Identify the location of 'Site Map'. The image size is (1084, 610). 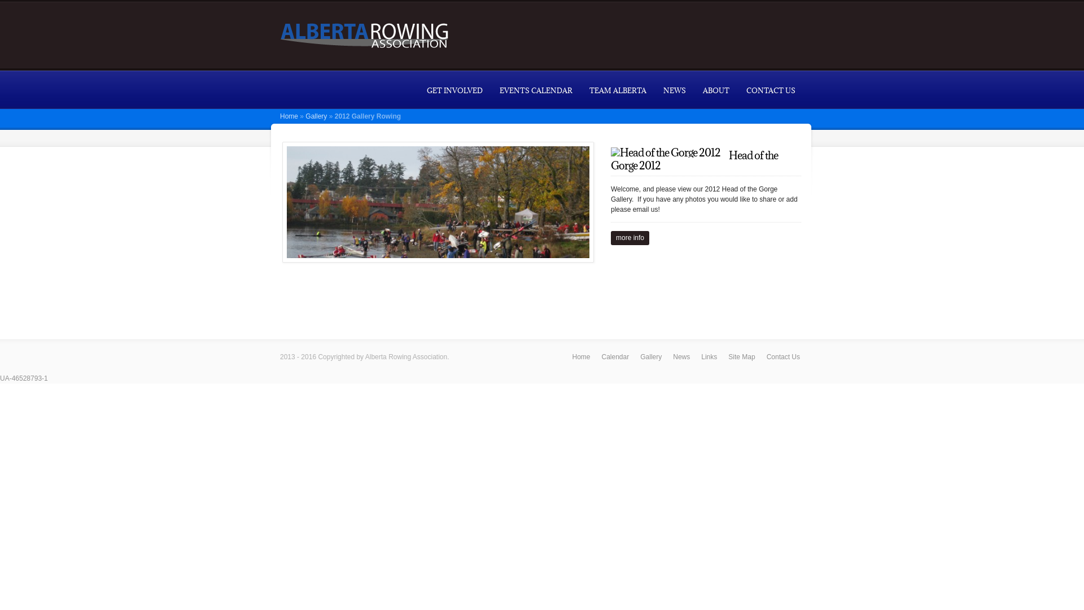
(741, 356).